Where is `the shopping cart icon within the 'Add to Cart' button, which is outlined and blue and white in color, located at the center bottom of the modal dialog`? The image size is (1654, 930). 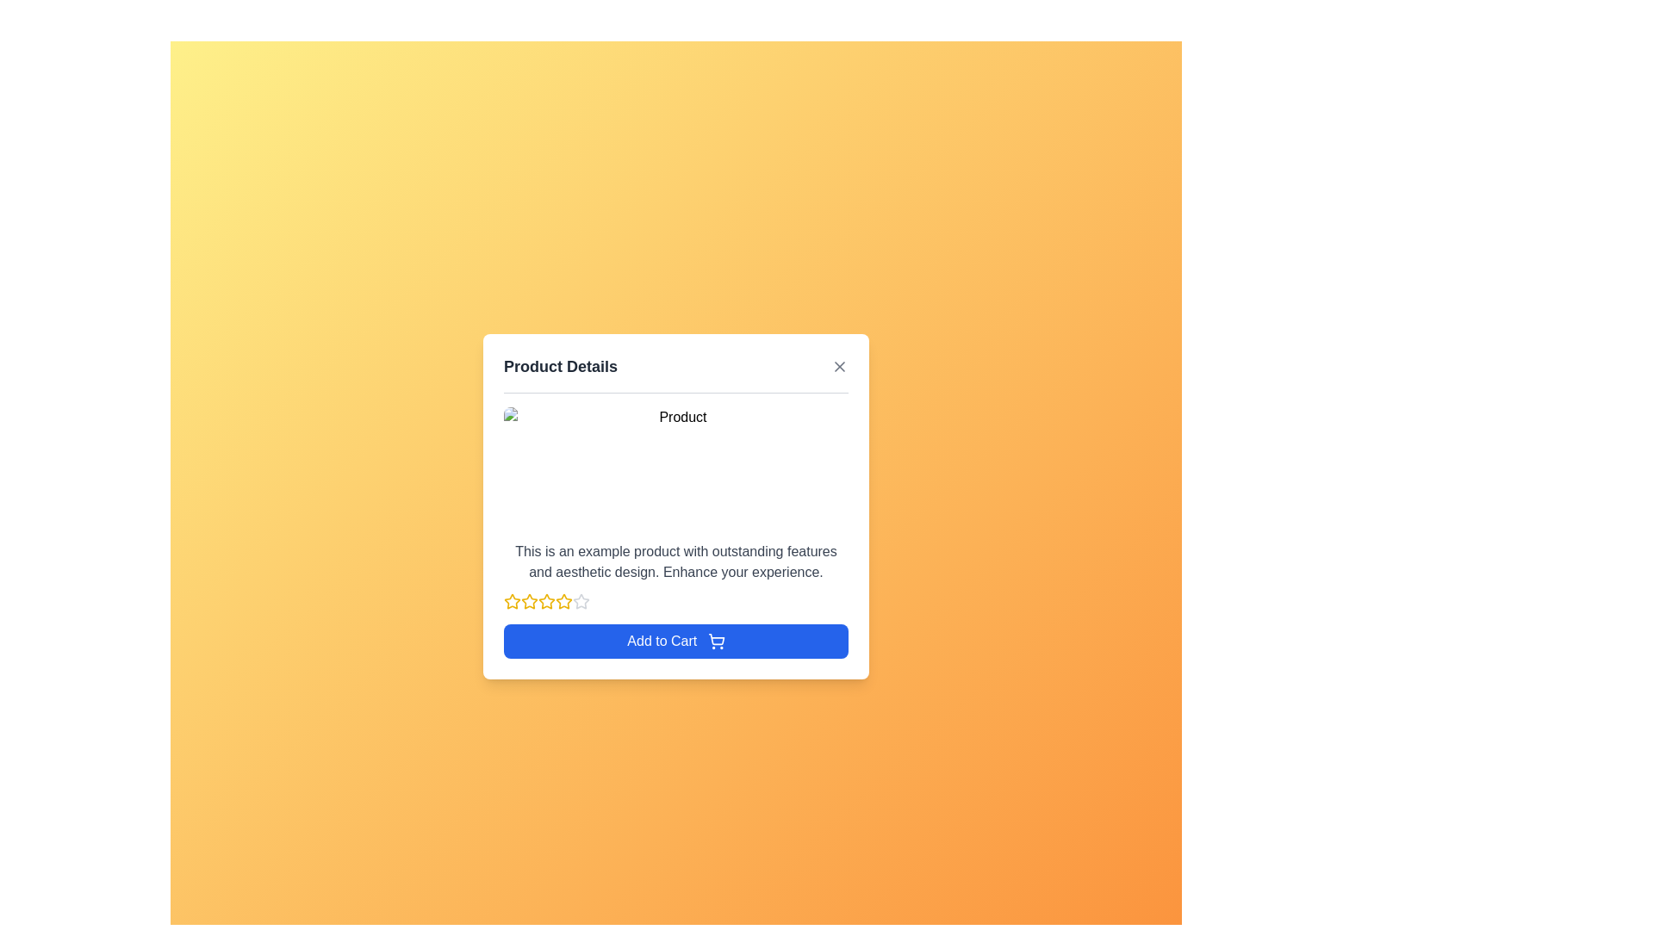 the shopping cart icon within the 'Add to Cart' button, which is outlined and blue and white in color, located at the center bottom of the modal dialog is located at coordinates (716, 639).